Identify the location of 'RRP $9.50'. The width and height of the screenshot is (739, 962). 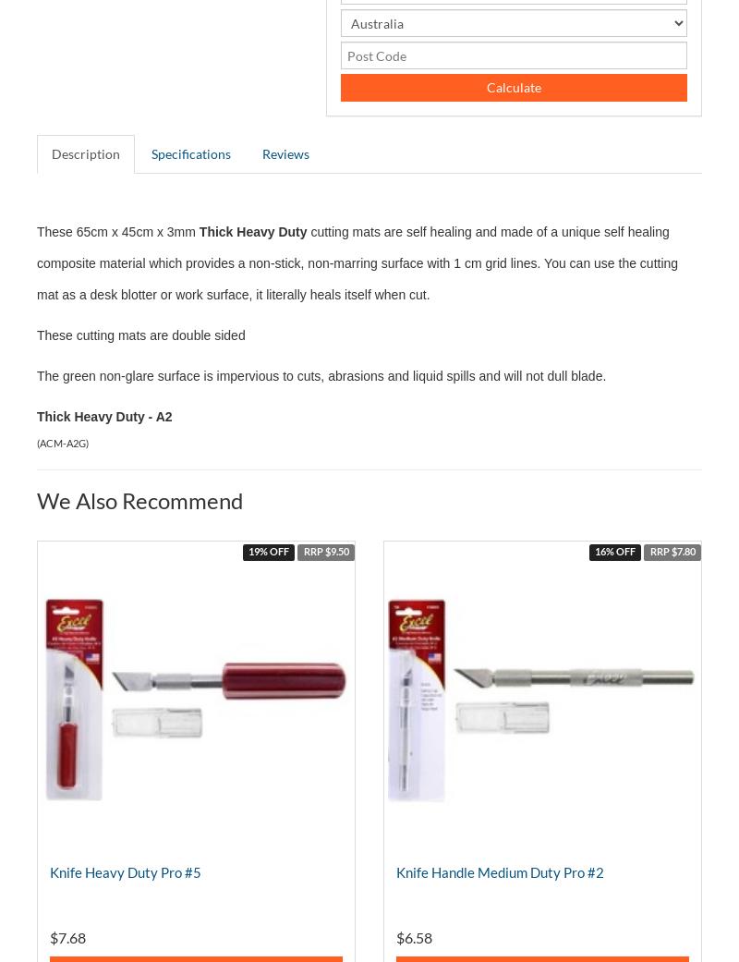
(325, 552).